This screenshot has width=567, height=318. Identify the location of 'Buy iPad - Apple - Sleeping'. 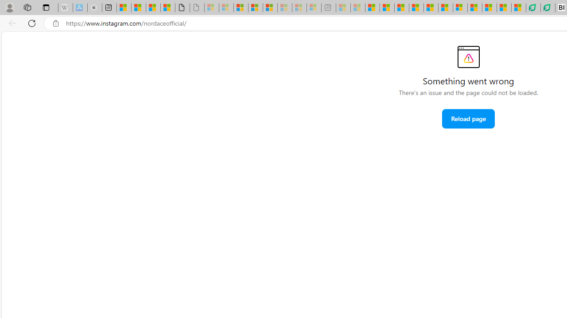
(95, 8).